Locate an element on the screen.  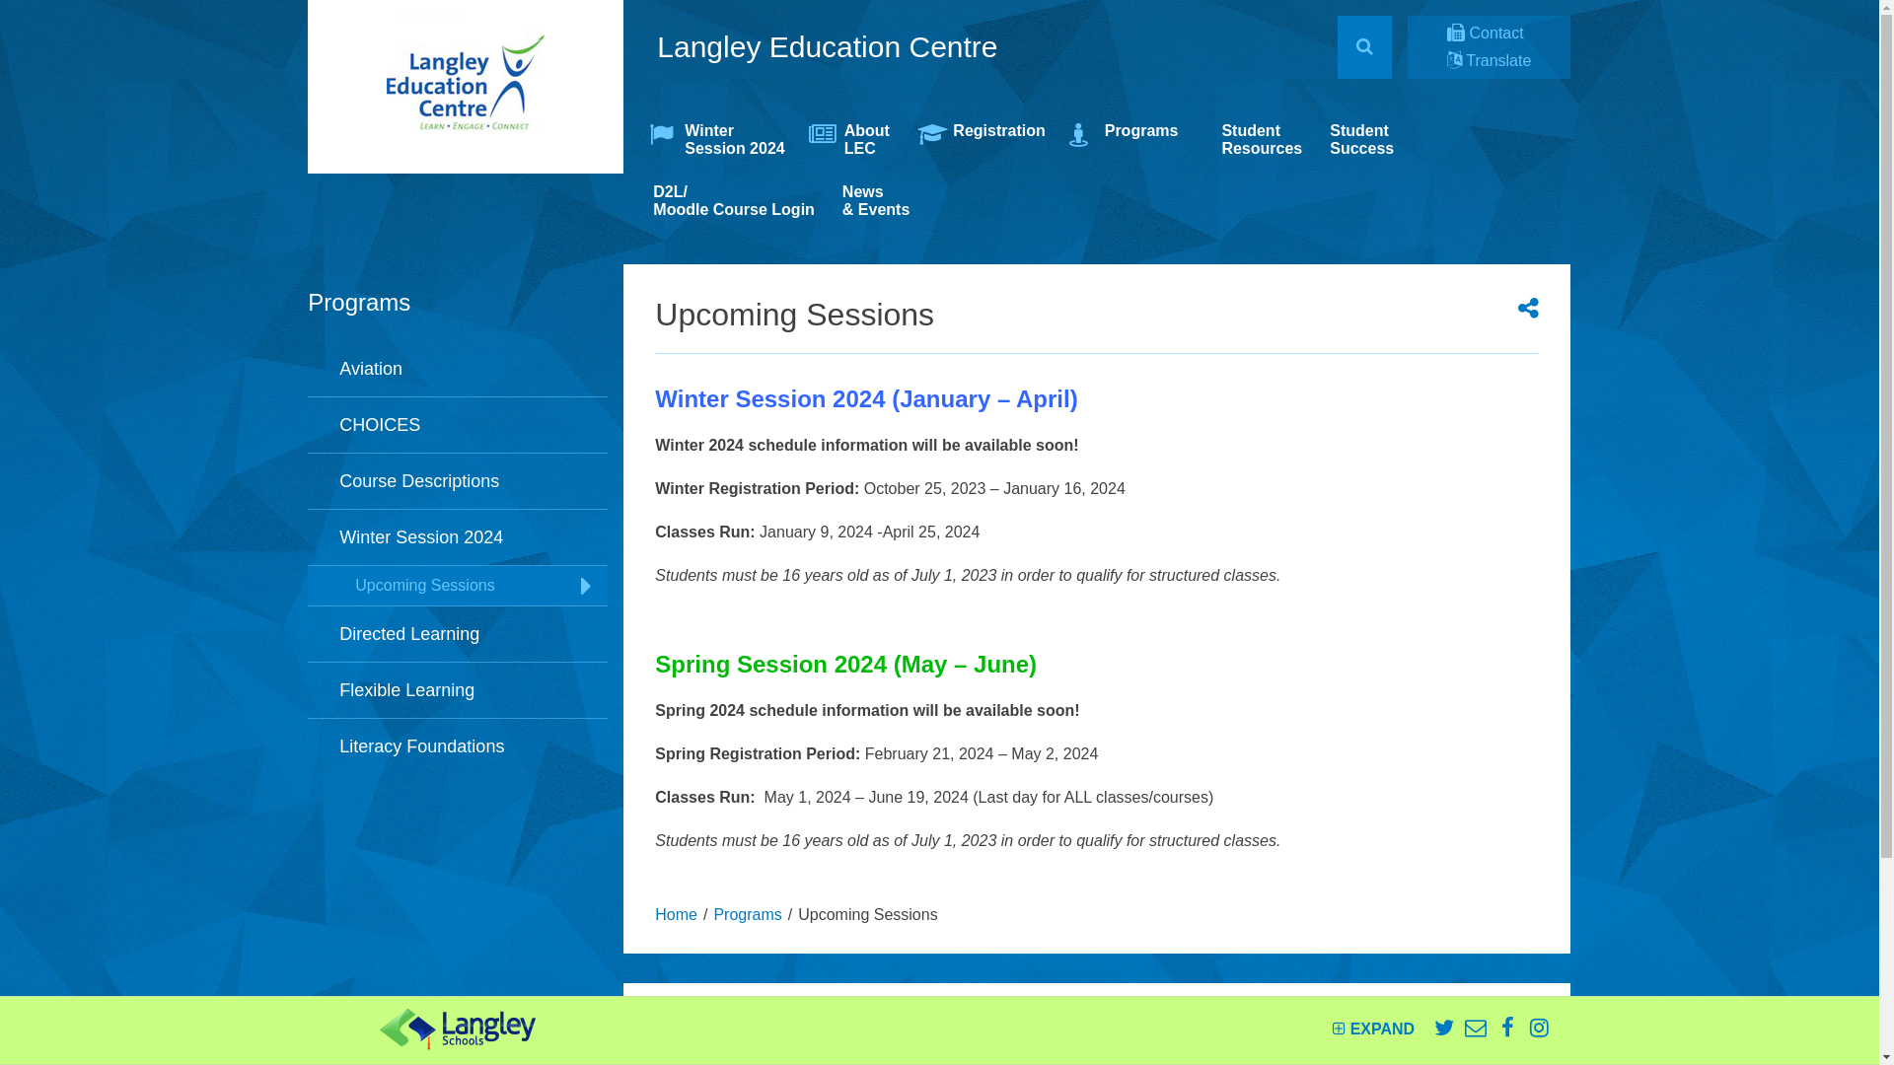
'Aviation' is located at coordinates (457, 369).